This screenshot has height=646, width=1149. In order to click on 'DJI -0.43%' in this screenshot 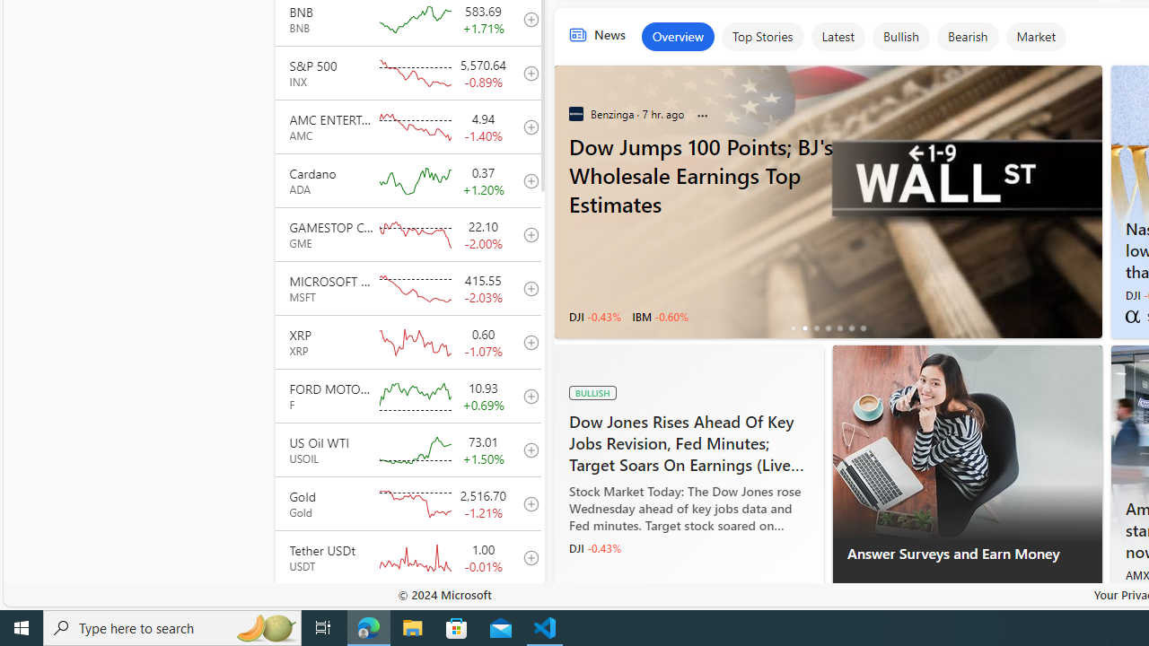, I will do `click(595, 547)`.